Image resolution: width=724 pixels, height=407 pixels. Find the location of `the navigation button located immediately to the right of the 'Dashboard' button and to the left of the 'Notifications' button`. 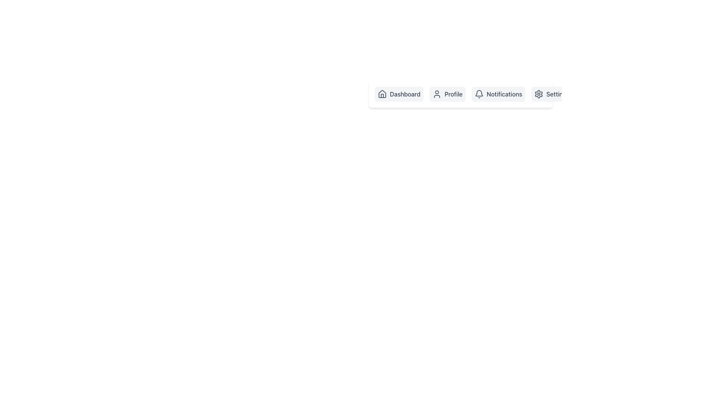

the navigation button located immediately to the right of the 'Dashboard' button and to the left of the 'Notifications' button is located at coordinates (447, 94).